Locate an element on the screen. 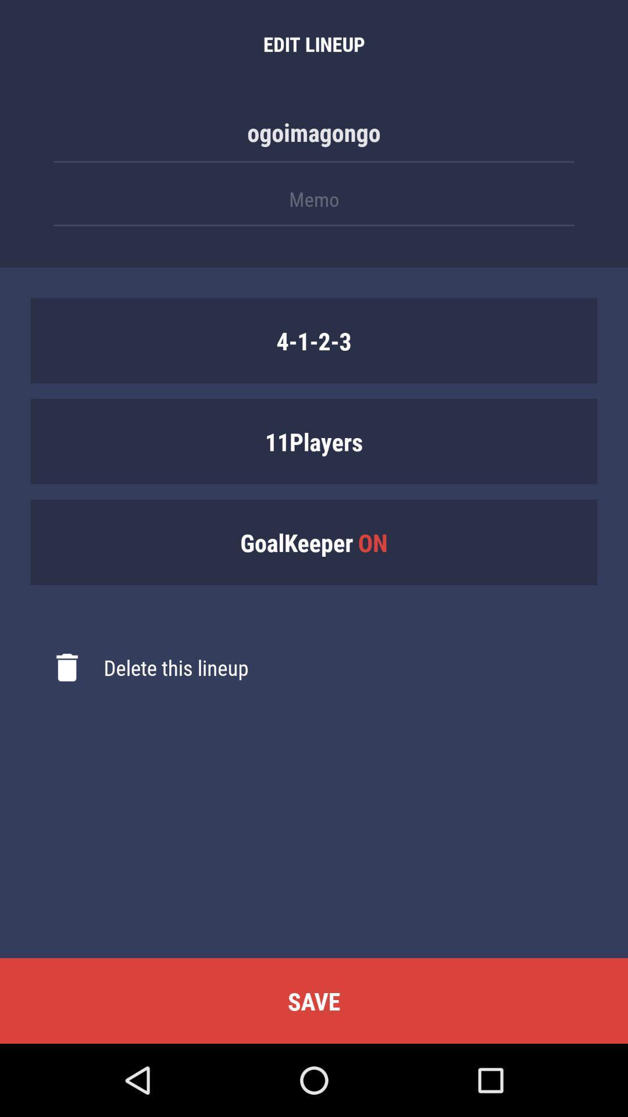 This screenshot has width=628, height=1117. ogoimagongo is located at coordinates (314, 138).